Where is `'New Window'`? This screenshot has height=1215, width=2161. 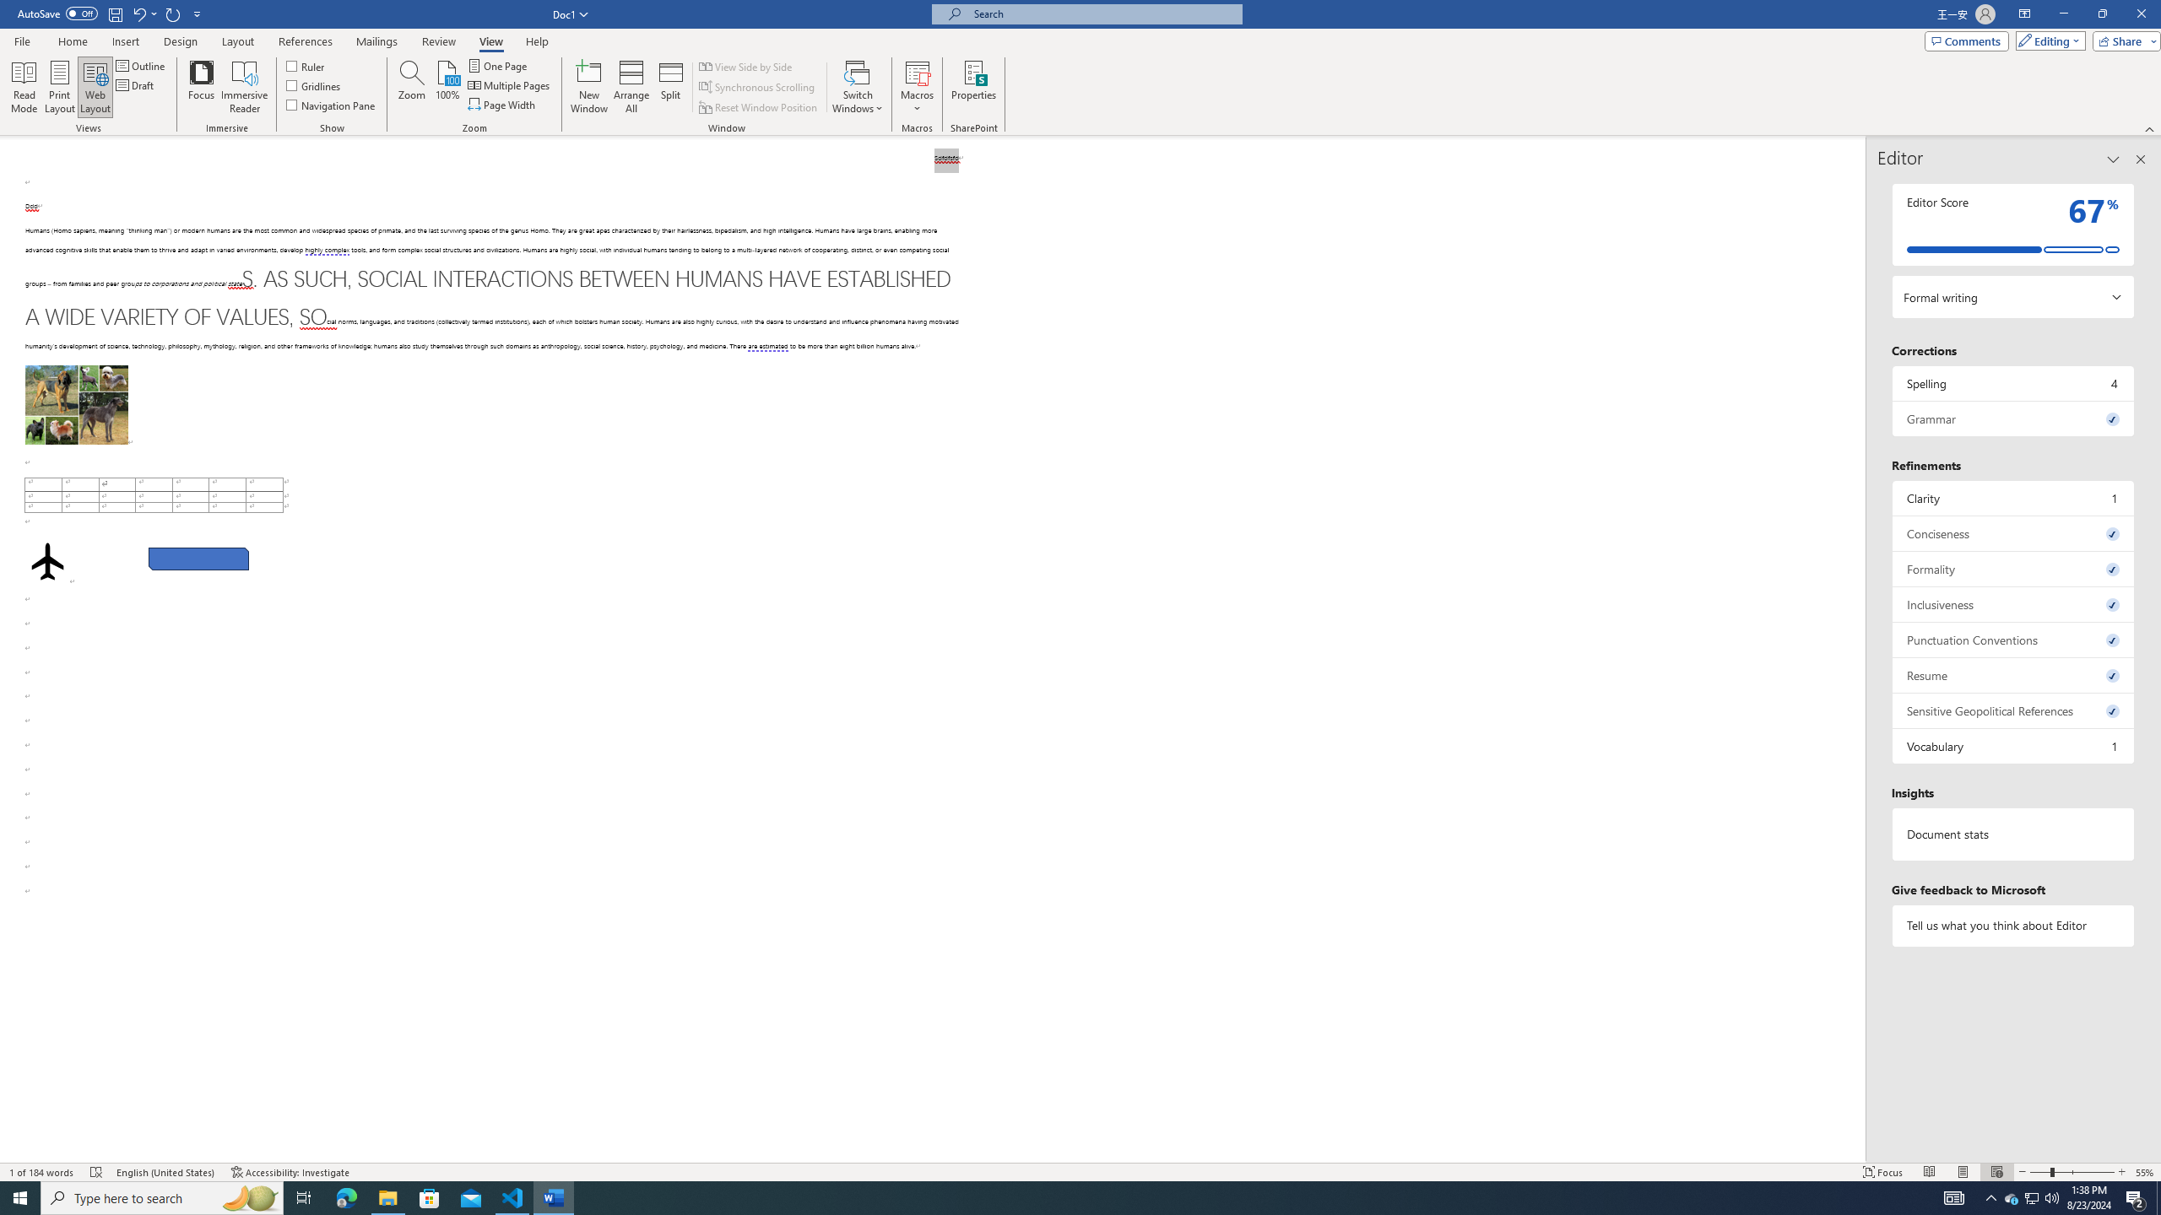
'New Window' is located at coordinates (588, 87).